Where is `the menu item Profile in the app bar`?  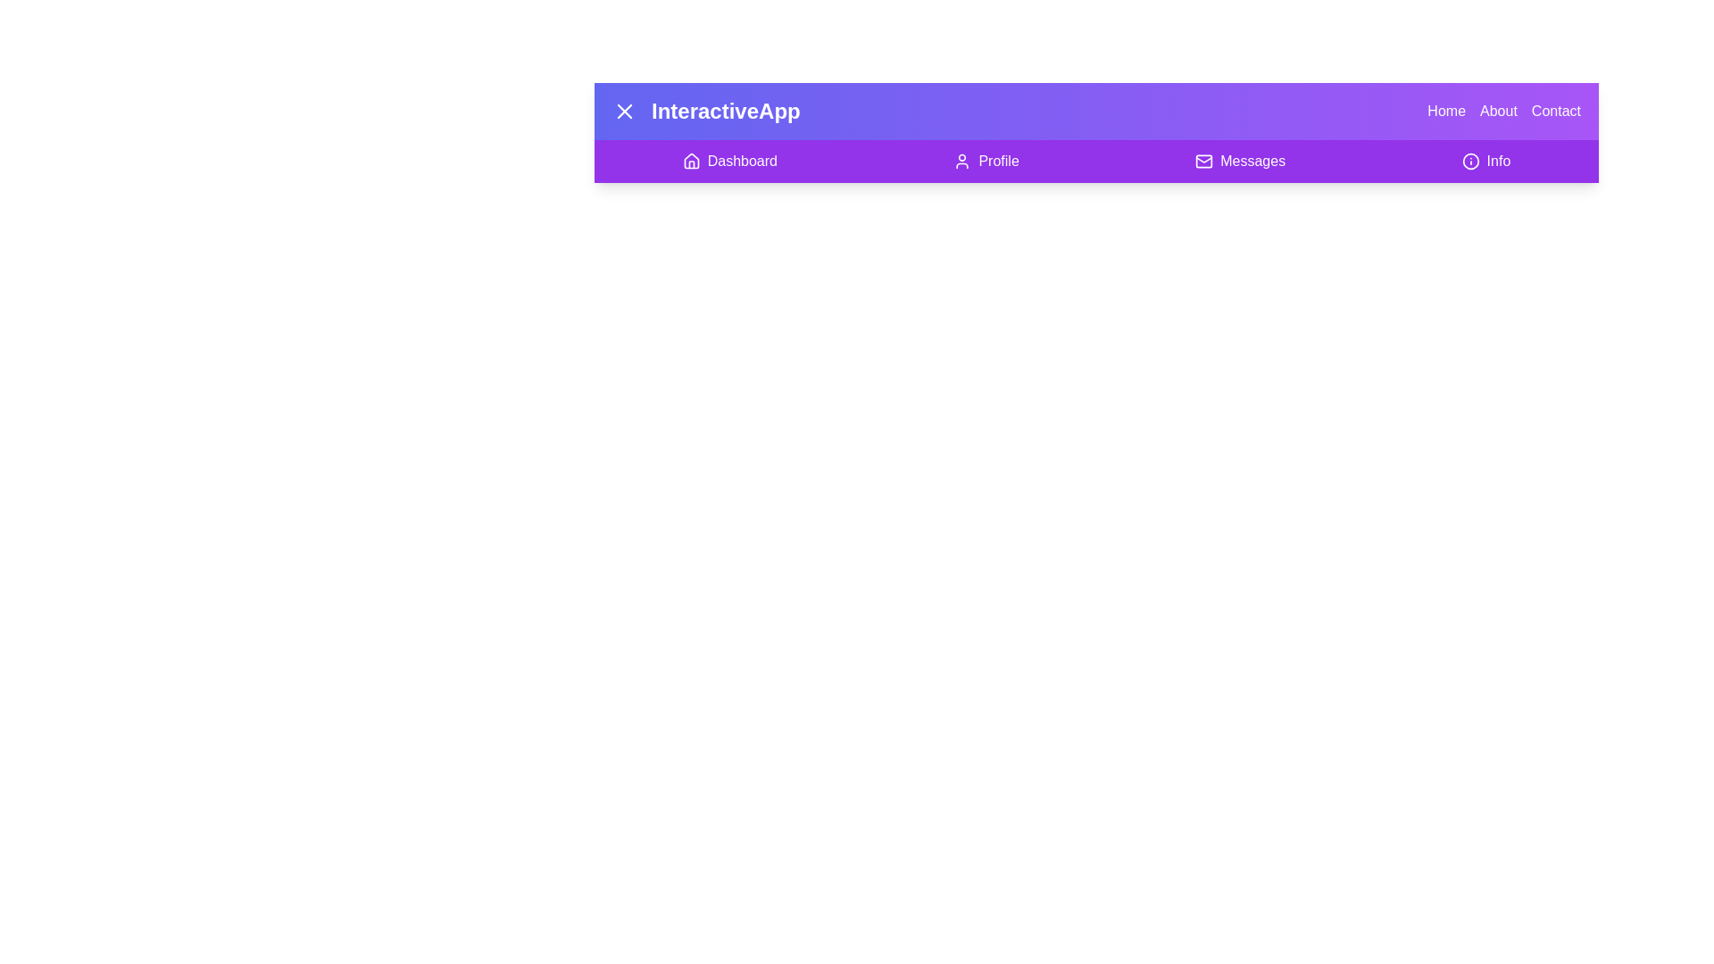
the menu item Profile in the app bar is located at coordinates (986, 162).